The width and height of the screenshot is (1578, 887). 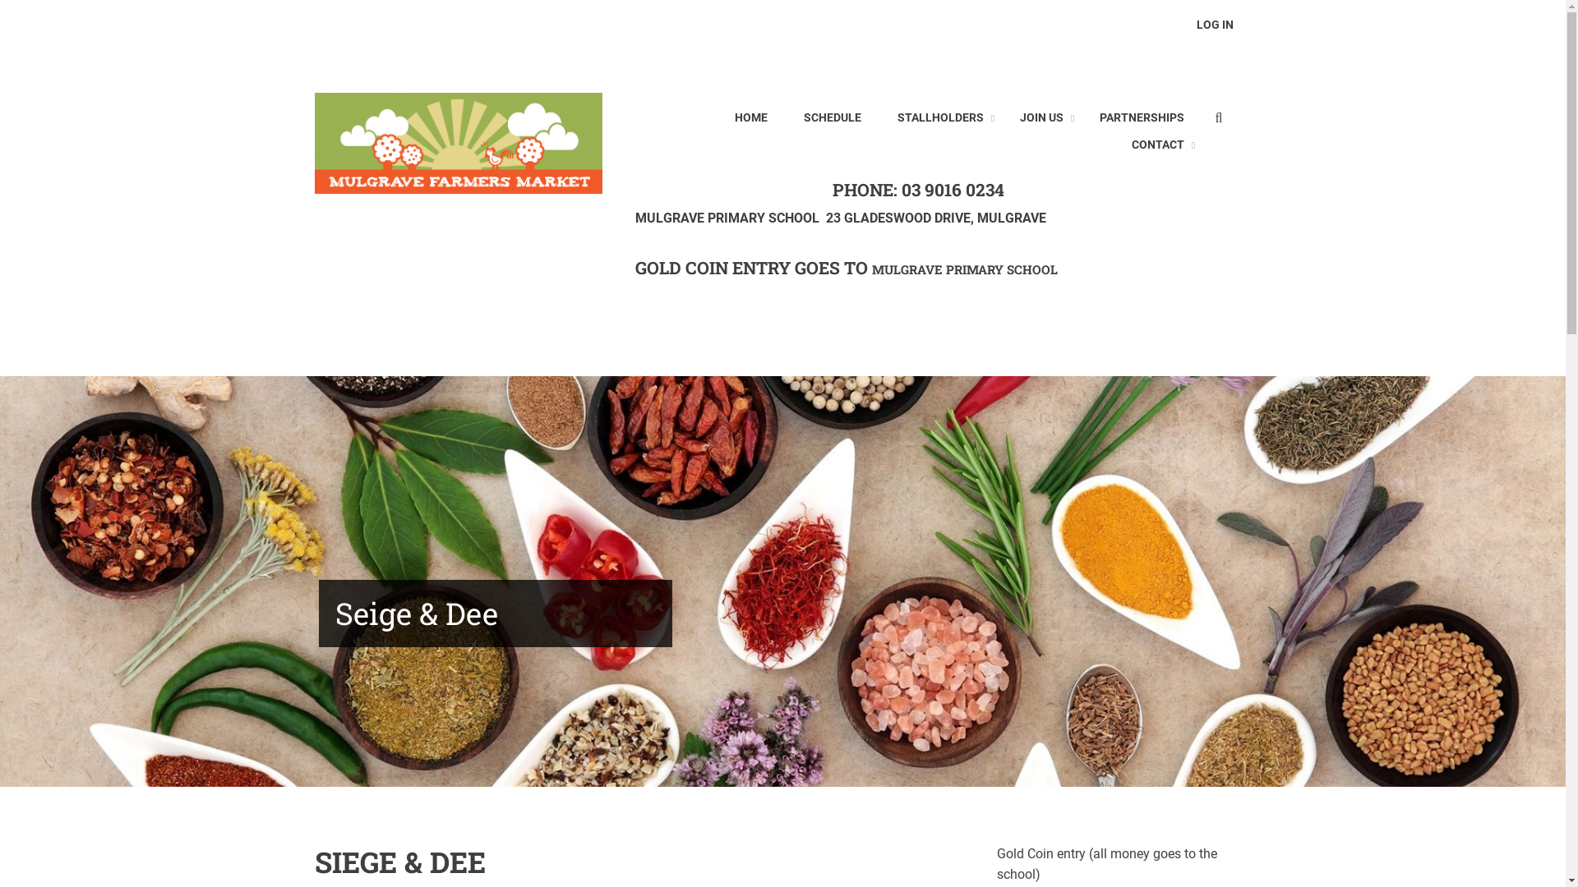 What do you see at coordinates (1005, 117) in the screenshot?
I see `'JOIN US'` at bounding box center [1005, 117].